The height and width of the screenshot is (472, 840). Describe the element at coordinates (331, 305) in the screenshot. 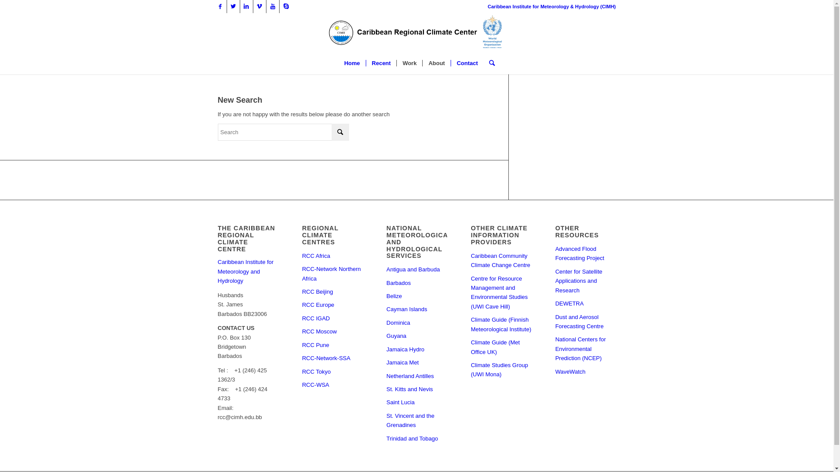

I see `'RCC Europe'` at that location.